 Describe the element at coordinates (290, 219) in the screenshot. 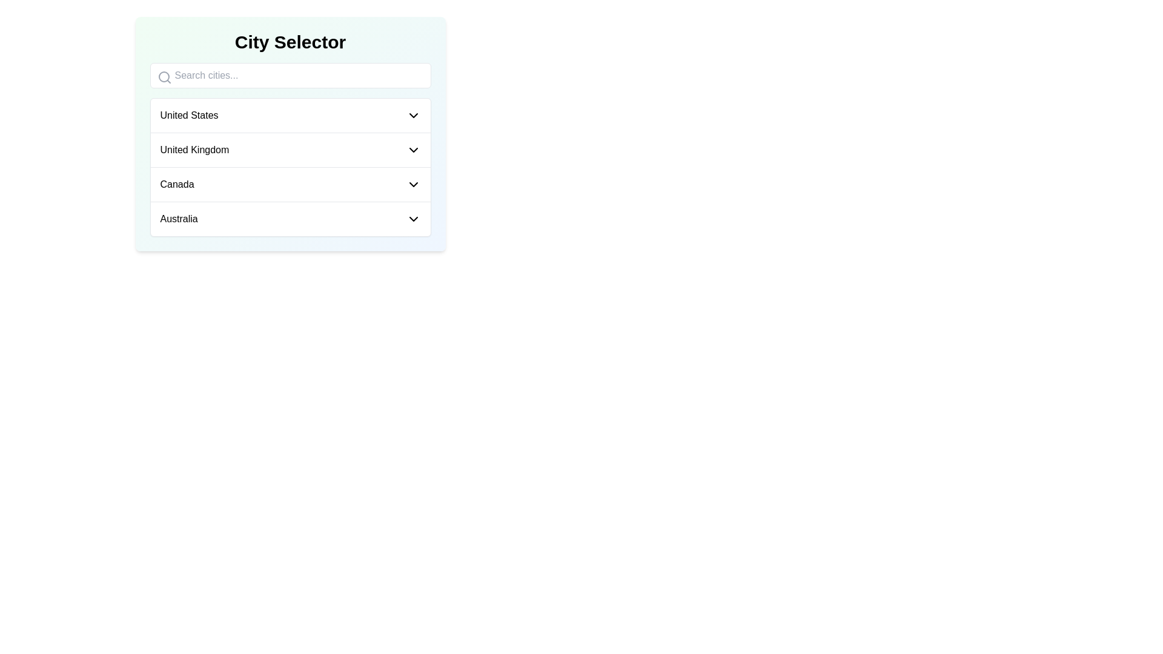

I see `the list item for 'Australia'` at that location.